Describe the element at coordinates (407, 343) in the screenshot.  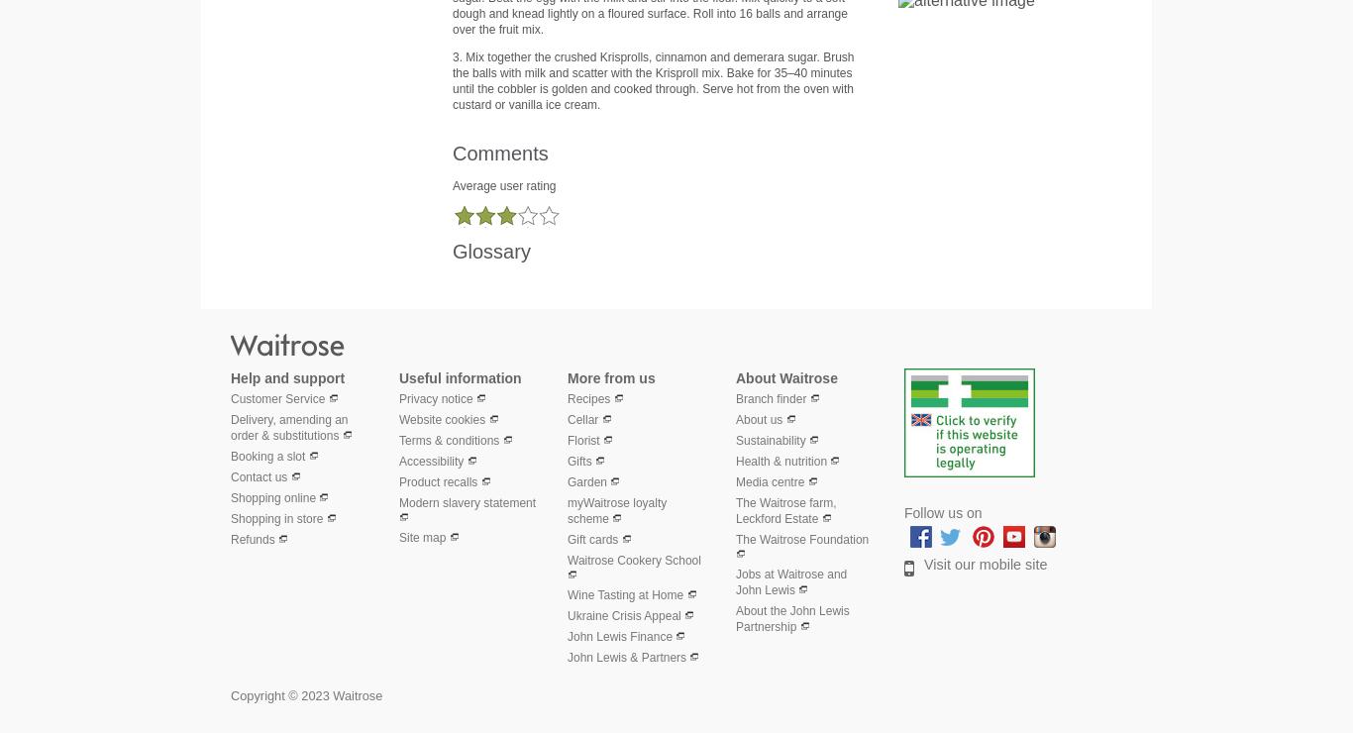
I see `'Waitrose'` at that location.